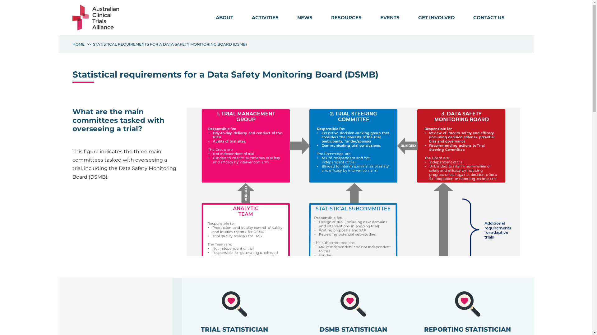  I want to click on 'CONTACT US', so click(488, 17).